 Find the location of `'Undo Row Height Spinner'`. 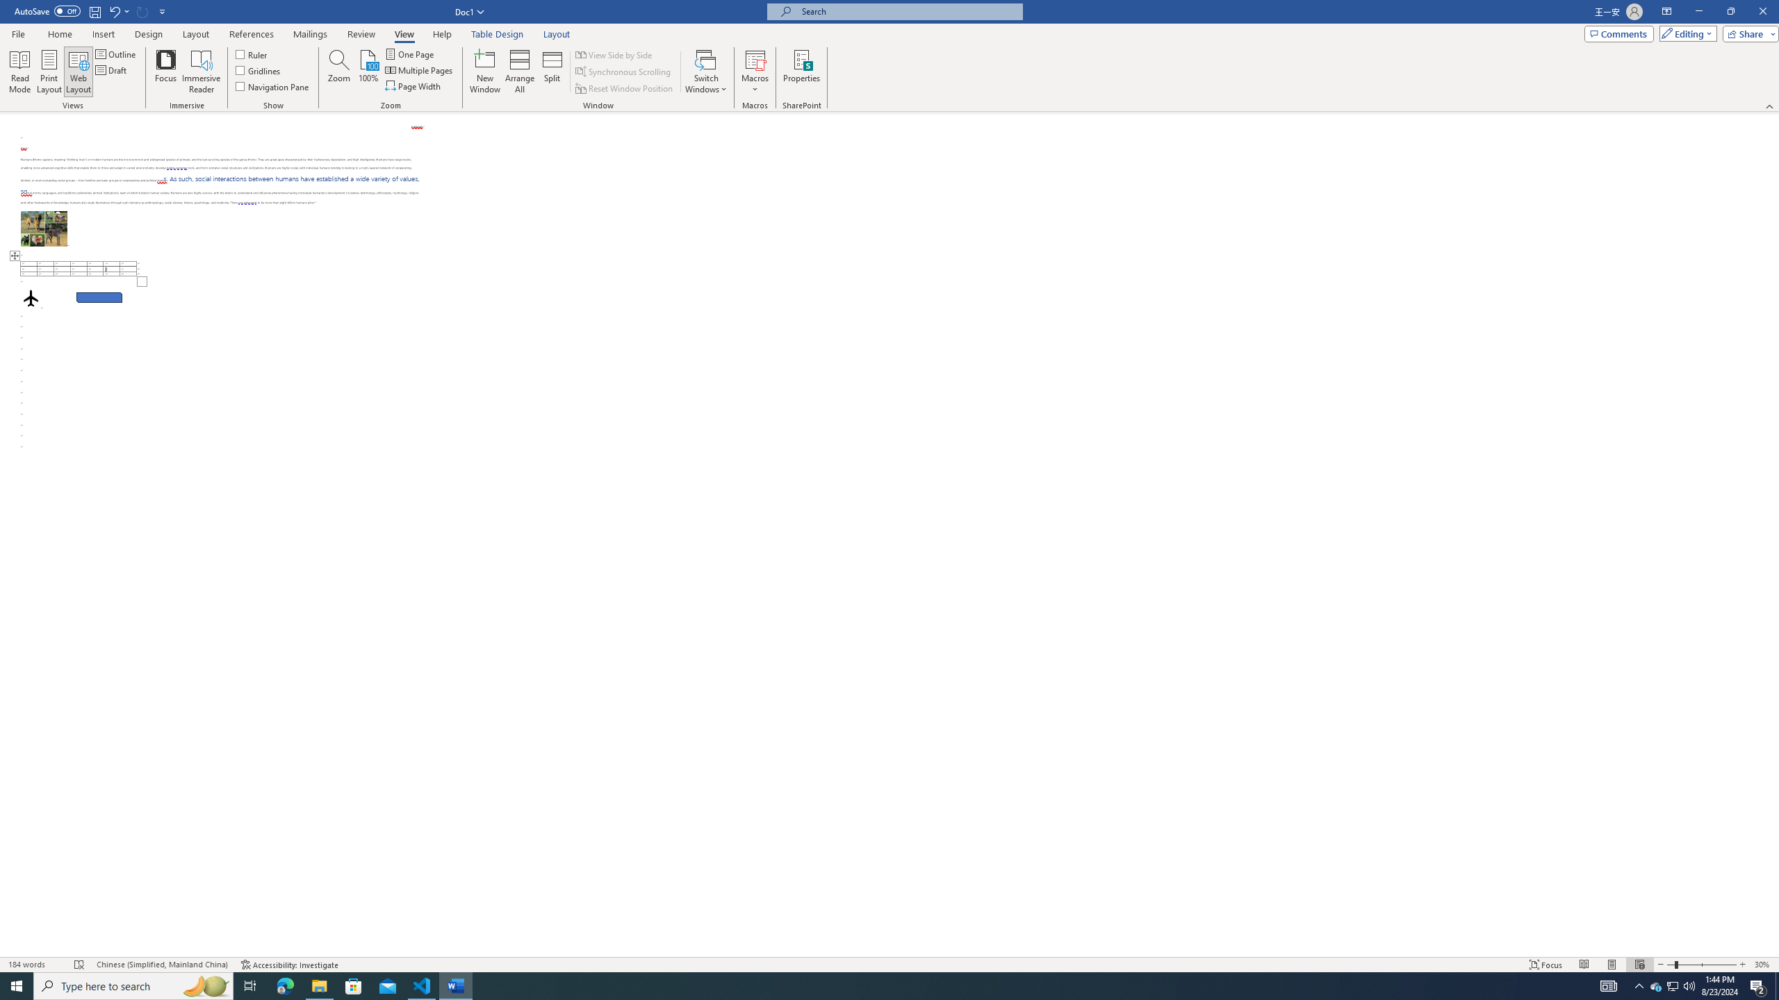

'Undo Row Height Spinner' is located at coordinates (113, 10).